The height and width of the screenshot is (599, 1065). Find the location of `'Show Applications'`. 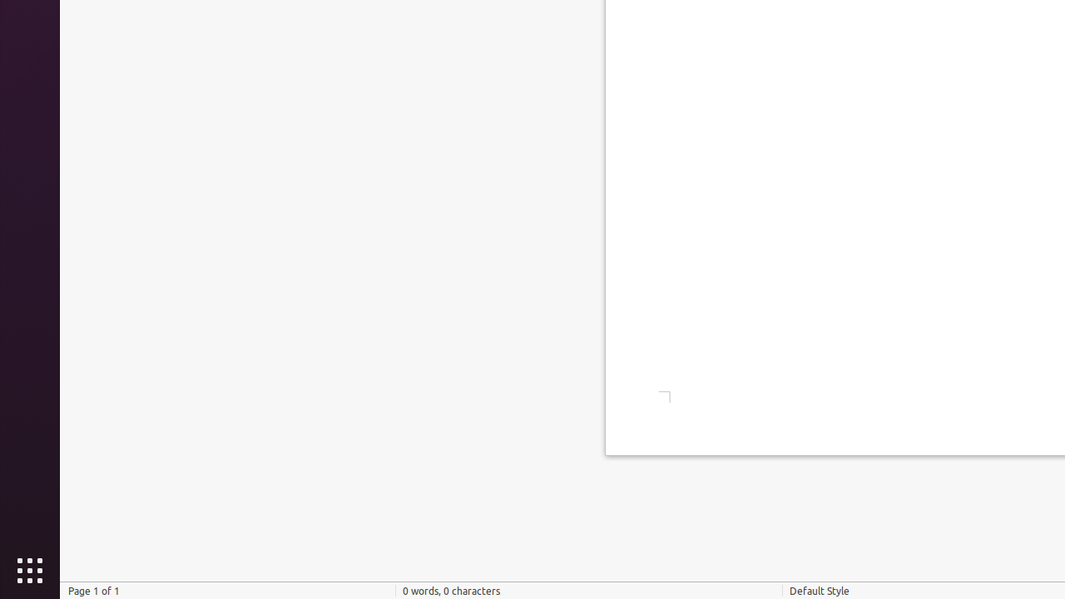

'Show Applications' is located at coordinates (29, 570).